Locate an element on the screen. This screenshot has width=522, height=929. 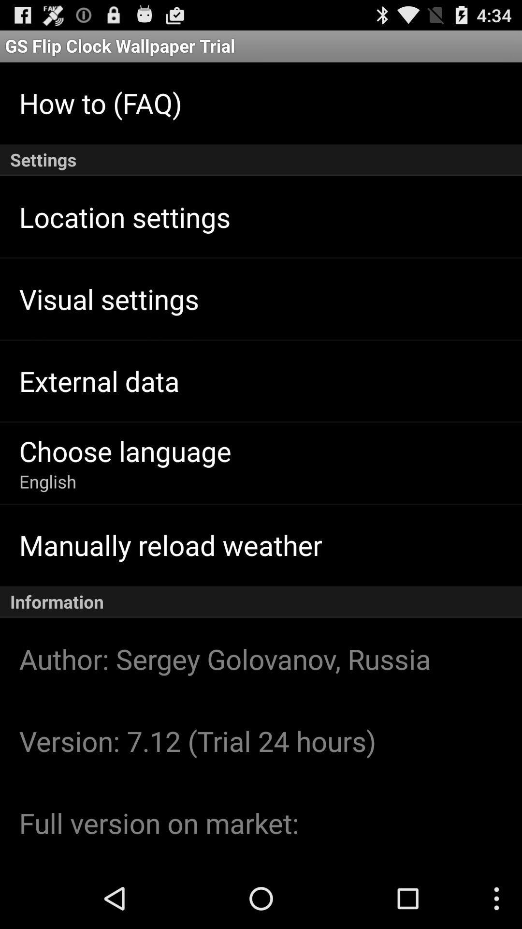
manually reload weather icon is located at coordinates (170, 545).